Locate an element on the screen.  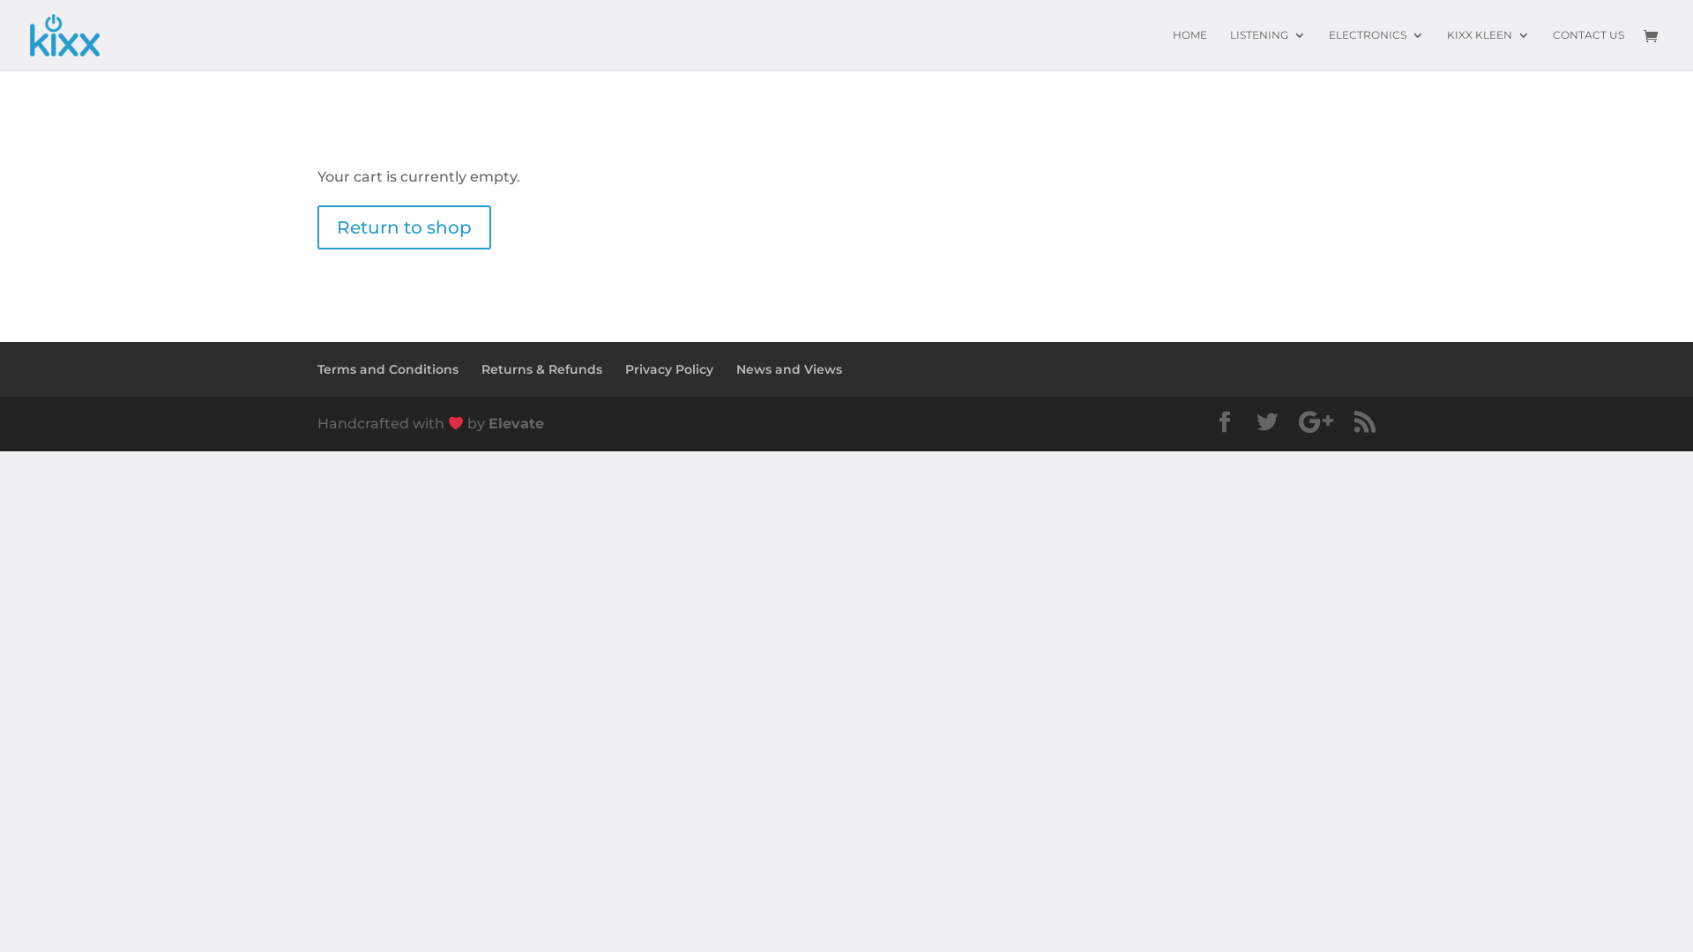
'Elevate' is located at coordinates (488, 423).